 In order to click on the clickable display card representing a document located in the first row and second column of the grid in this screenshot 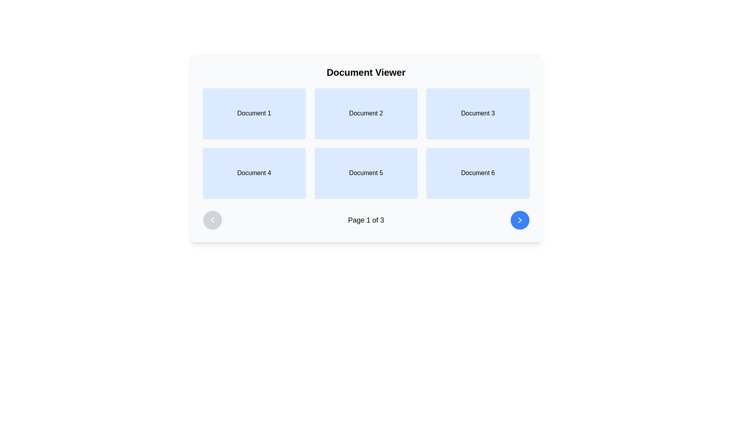, I will do `click(366, 113)`.